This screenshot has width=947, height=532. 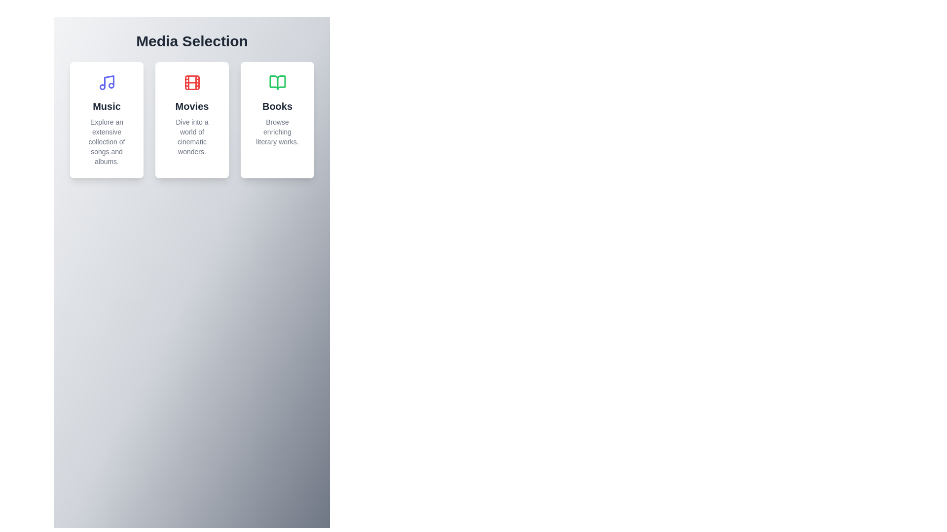 What do you see at coordinates (192, 136) in the screenshot?
I see `the descriptive tagline text located beneath the 'Movies' title, which is centered in the middle card of a set of three cards` at bounding box center [192, 136].